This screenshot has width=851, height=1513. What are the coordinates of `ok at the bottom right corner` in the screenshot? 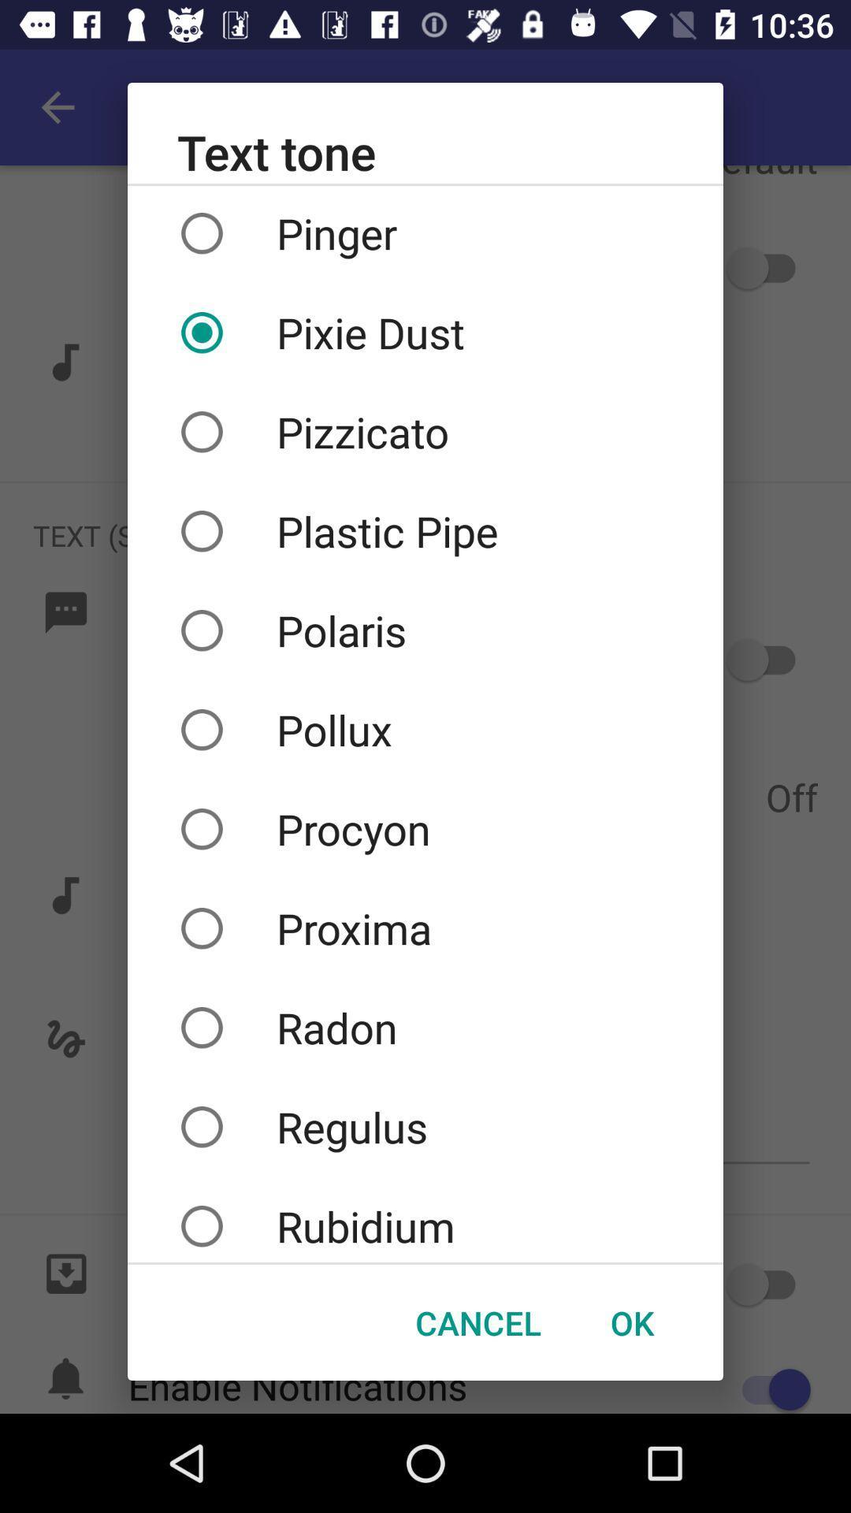 It's located at (631, 1322).